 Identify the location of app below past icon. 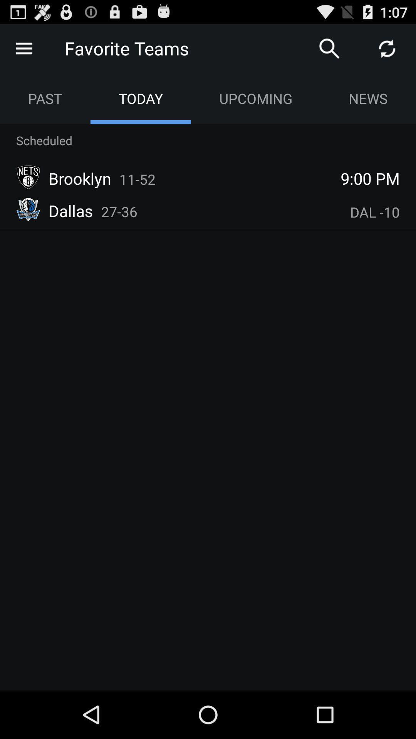
(44, 140).